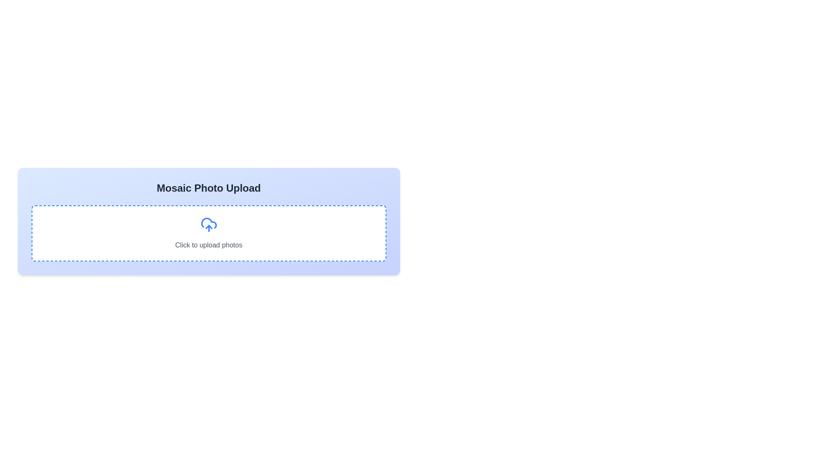  What do you see at coordinates (209, 233) in the screenshot?
I see `the clickable text label that prompts users to initiate a photo upload process` at bounding box center [209, 233].